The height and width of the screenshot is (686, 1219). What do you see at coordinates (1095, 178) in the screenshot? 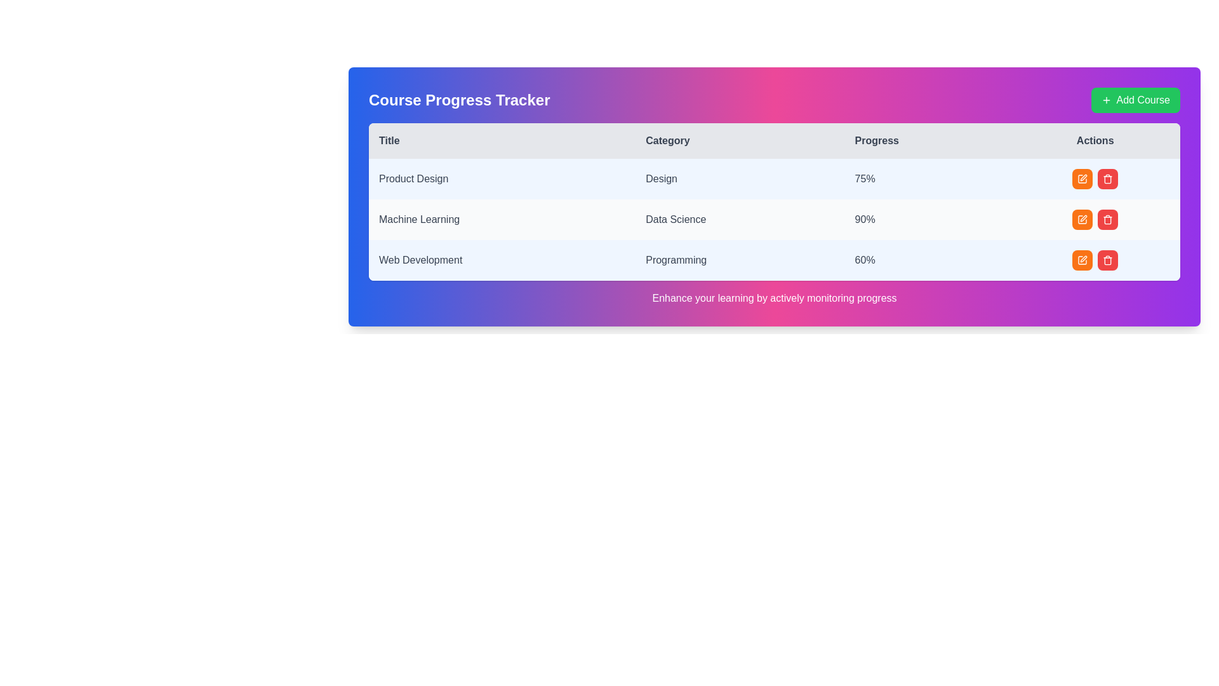
I see `the orange button with a pen icon in the Actions column of the Product Design row in the course progress table to initiate editing` at bounding box center [1095, 178].